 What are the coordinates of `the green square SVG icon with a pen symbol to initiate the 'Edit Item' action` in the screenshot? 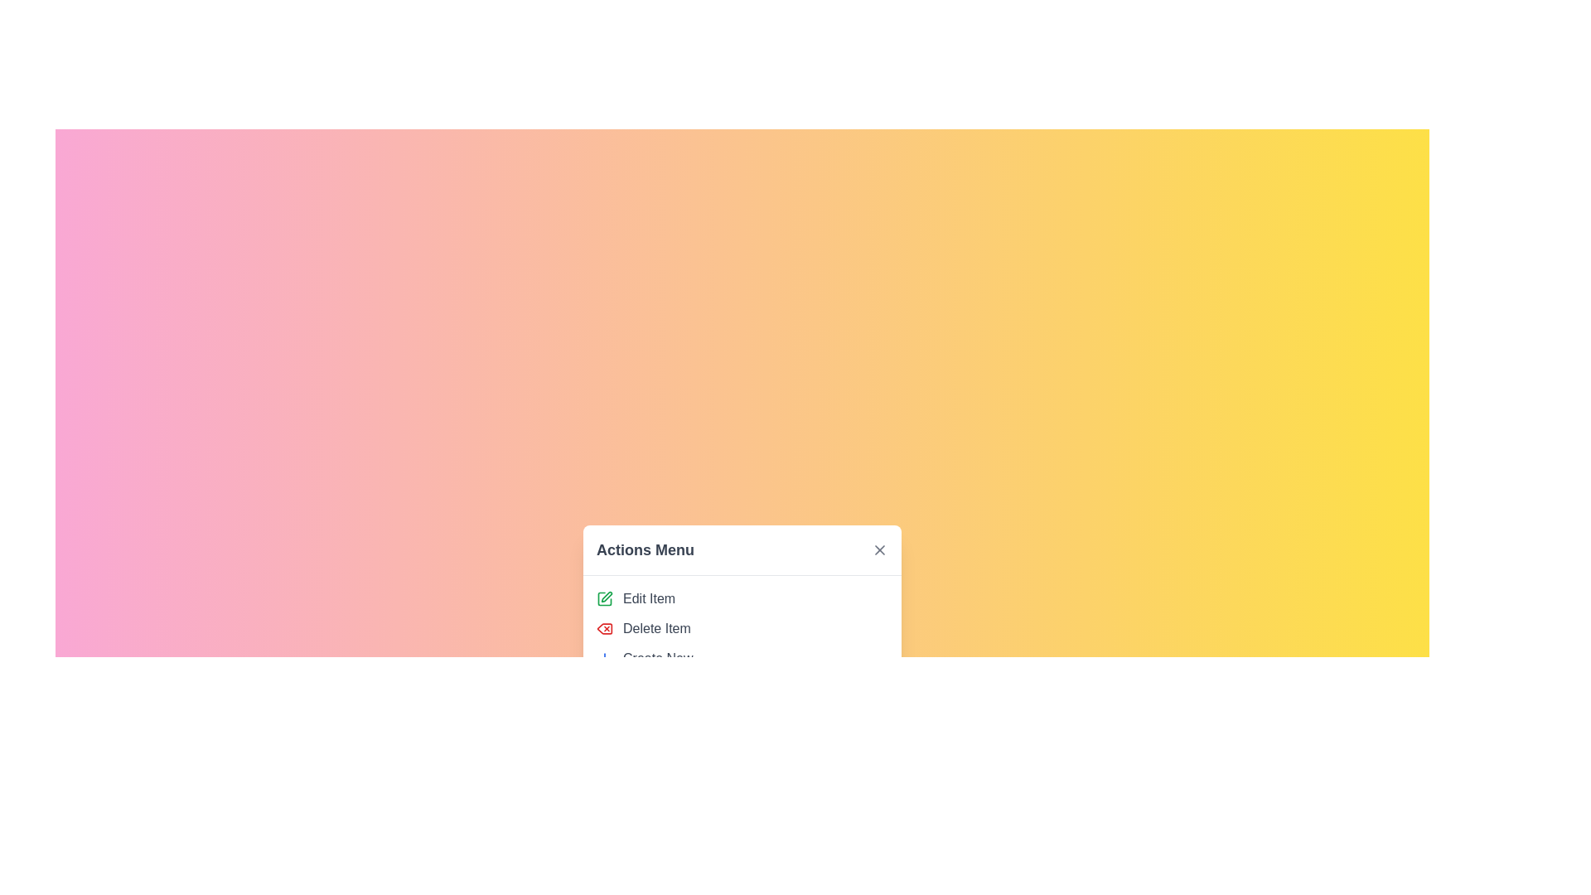 It's located at (603, 598).